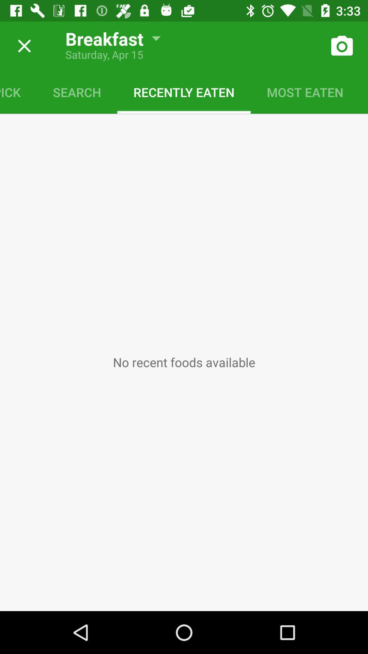 The width and height of the screenshot is (368, 654). What do you see at coordinates (363, 92) in the screenshot?
I see `saved meal icon` at bounding box center [363, 92].